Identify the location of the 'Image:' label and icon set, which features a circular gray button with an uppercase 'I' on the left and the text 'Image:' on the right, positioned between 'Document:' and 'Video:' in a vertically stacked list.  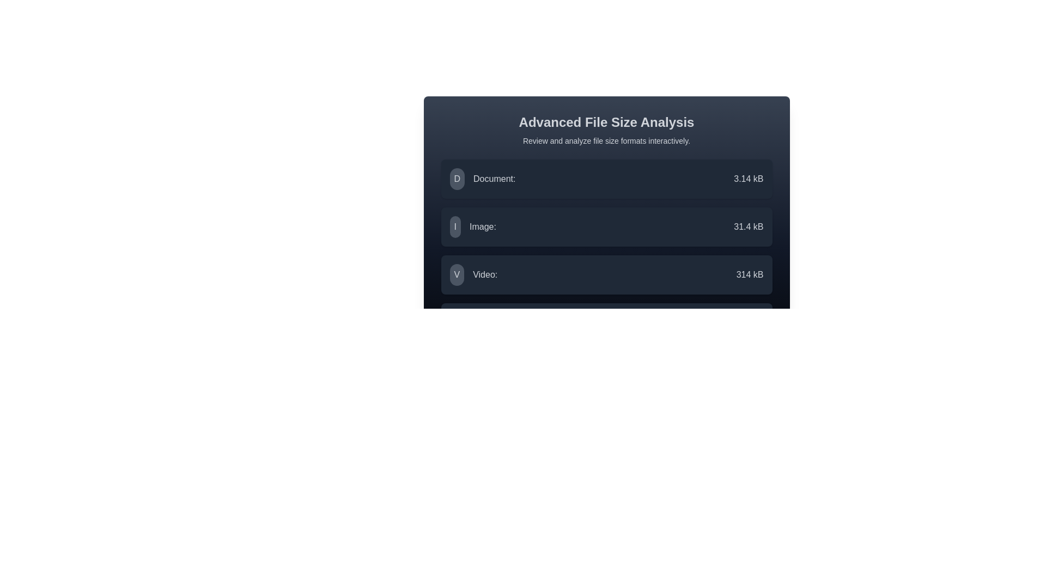
(473, 226).